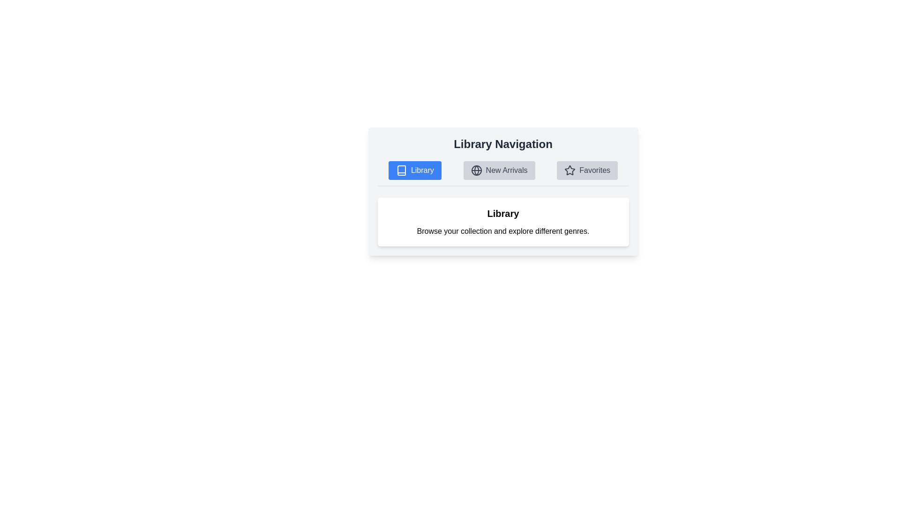  I want to click on the tab labeled Library to display its content, so click(414, 170).